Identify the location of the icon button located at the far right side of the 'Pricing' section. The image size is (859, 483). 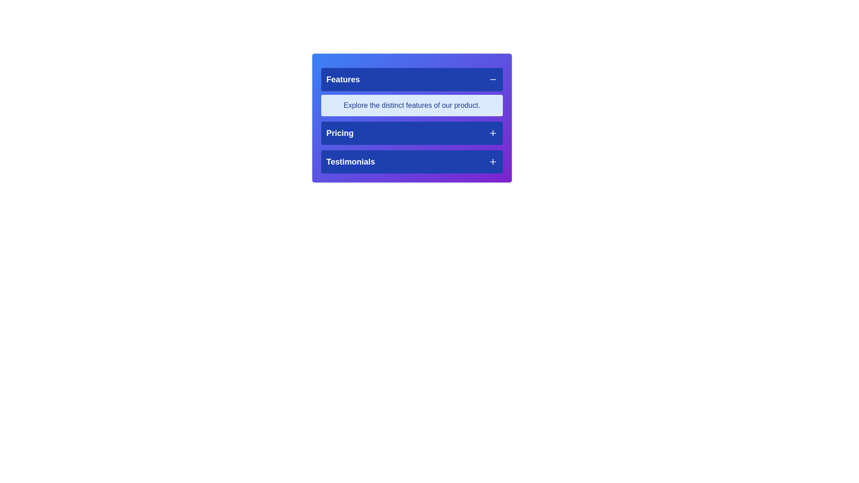
(492, 133).